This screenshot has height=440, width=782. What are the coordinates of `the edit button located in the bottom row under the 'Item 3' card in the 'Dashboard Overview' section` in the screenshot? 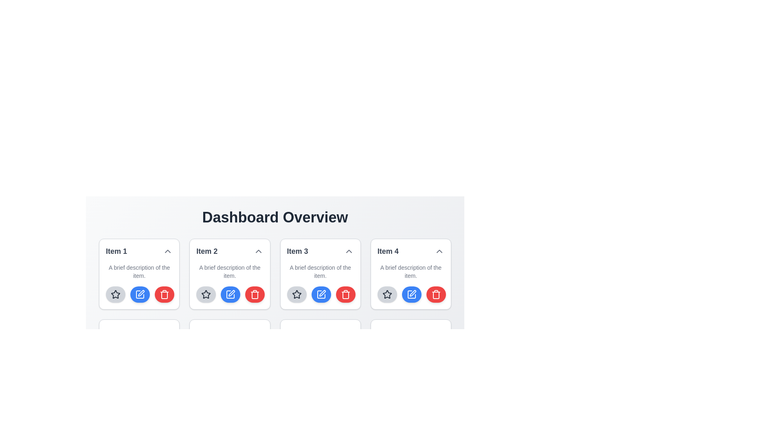 It's located at (321, 375).